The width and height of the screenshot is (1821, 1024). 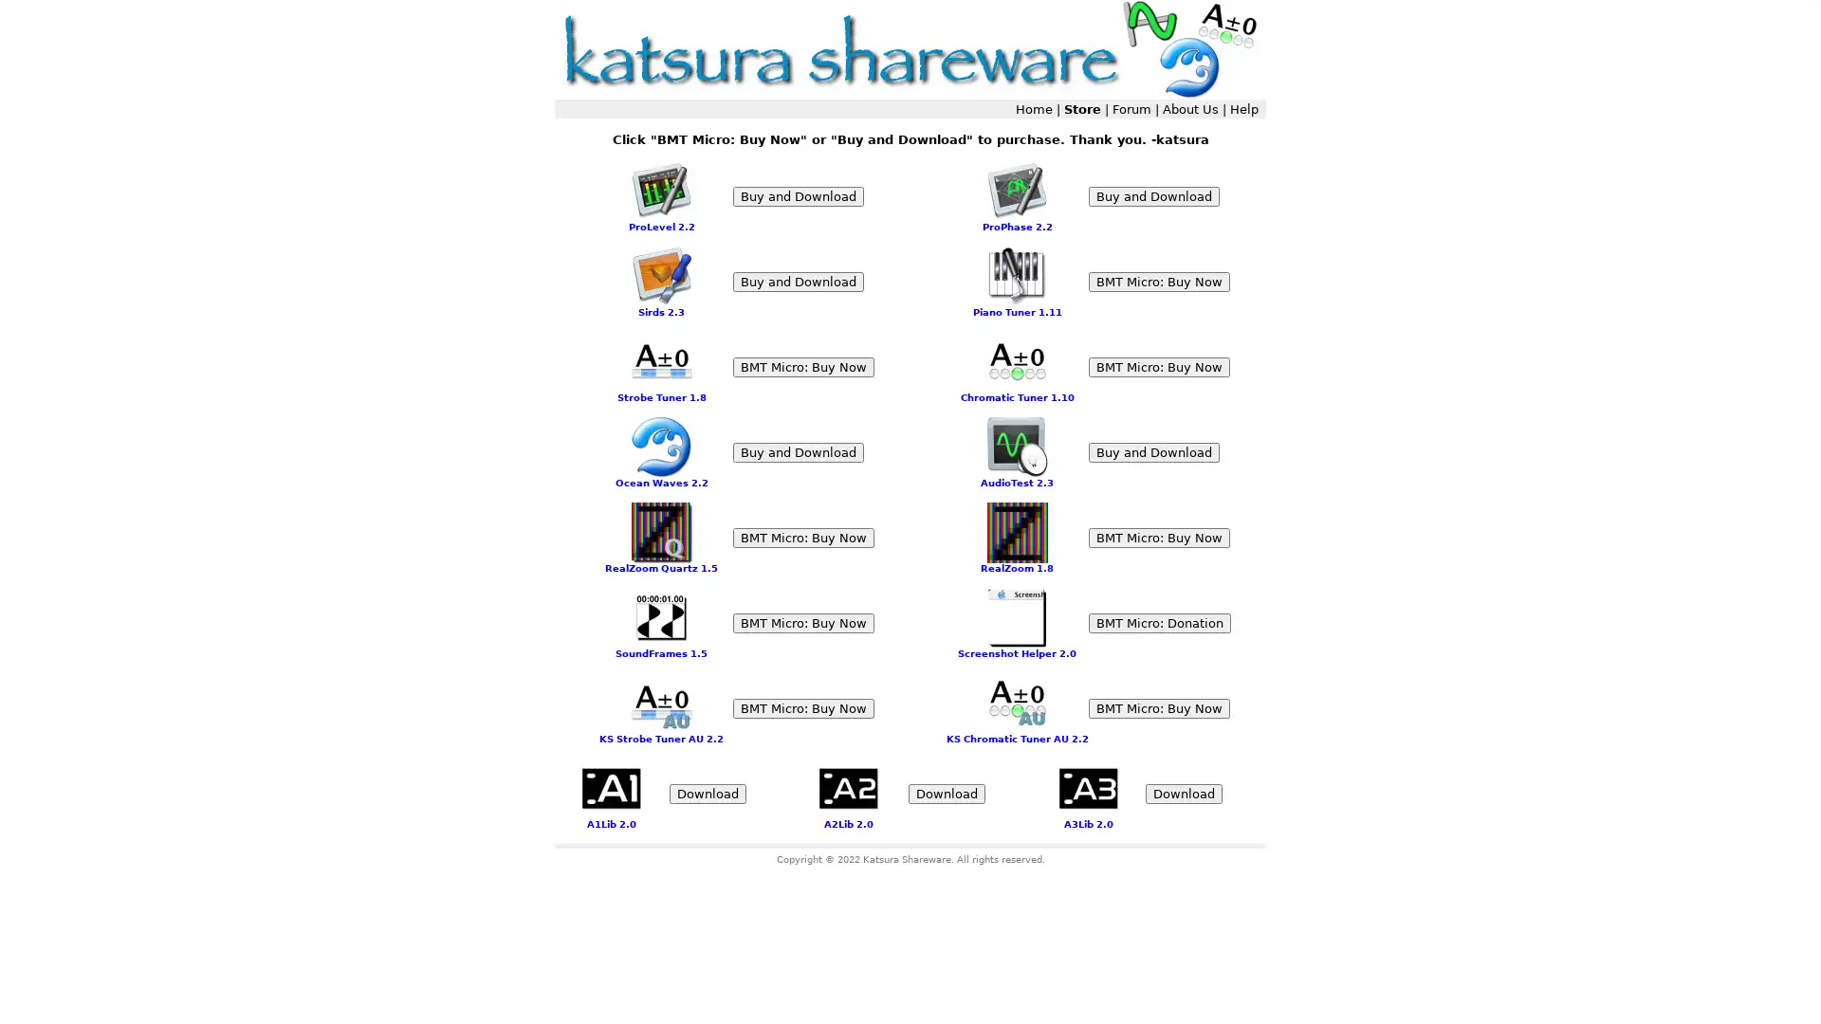 I want to click on Buy and Download, so click(x=1151, y=196).